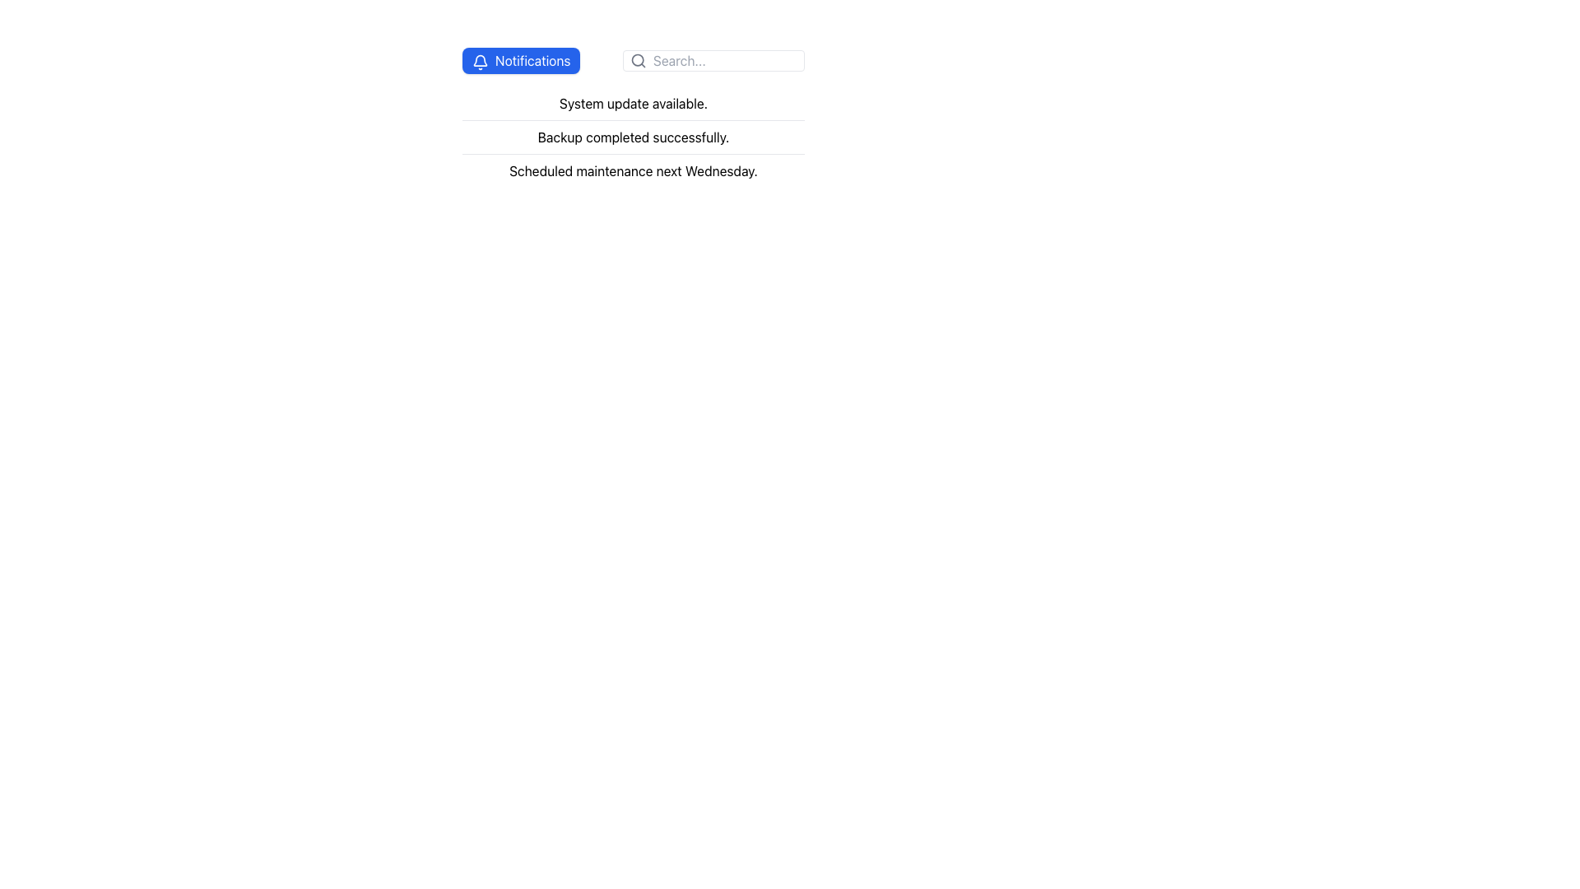 Image resolution: width=1580 pixels, height=889 pixels. I want to click on the Search Box located on the right side of the top horizontal bar, so click(713, 59).